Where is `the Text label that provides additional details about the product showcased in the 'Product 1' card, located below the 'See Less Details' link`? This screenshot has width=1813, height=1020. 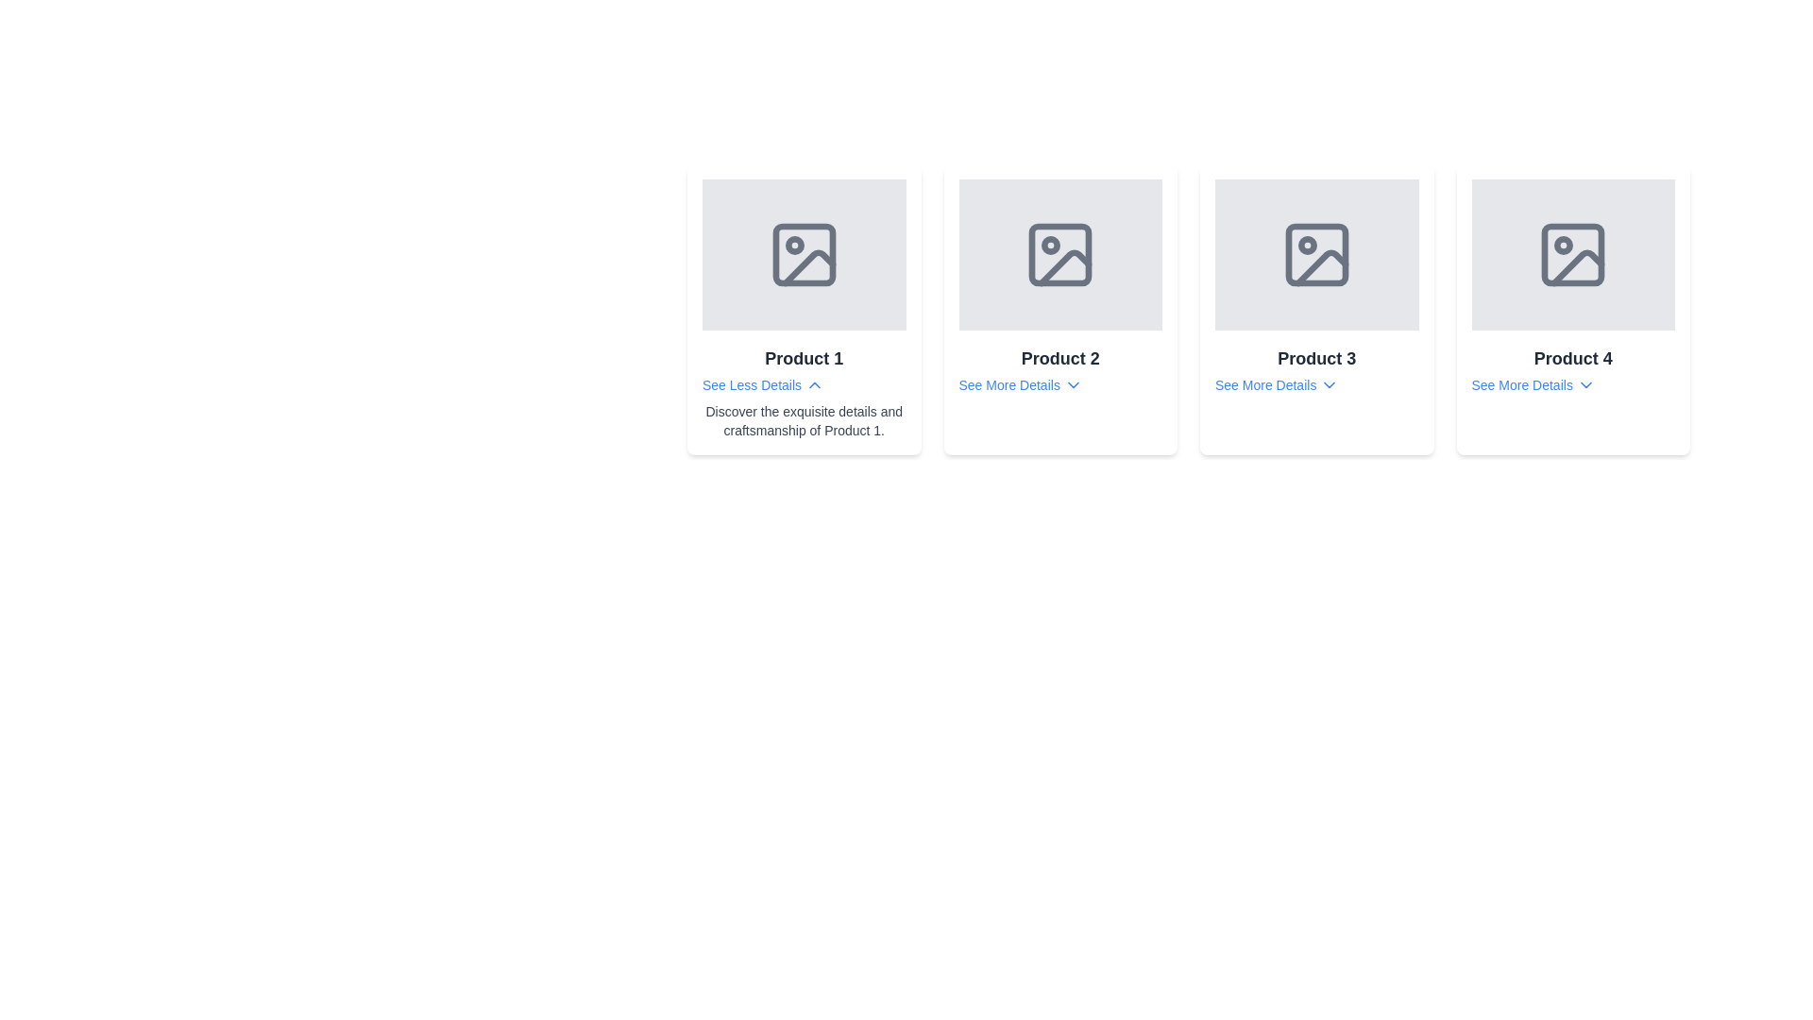 the Text label that provides additional details about the product showcased in the 'Product 1' card, located below the 'See Less Details' link is located at coordinates (804, 420).